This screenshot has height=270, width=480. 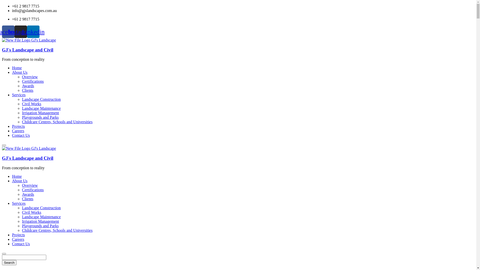 What do you see at coordinates (18, 130) in the screenshot?
I see `'Careers'` at bounding box center [18, 130].